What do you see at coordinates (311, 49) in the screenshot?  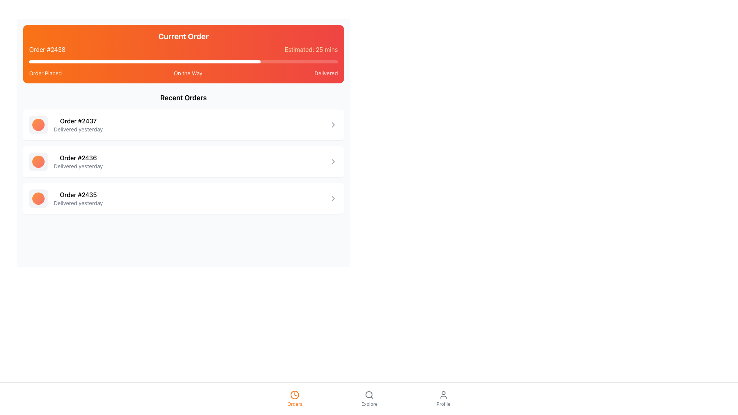 I see `the Text Label that displays the estimated delivery or completion time for the current order, located in the top-right corner of the header section` at bounding box center [311, 49].